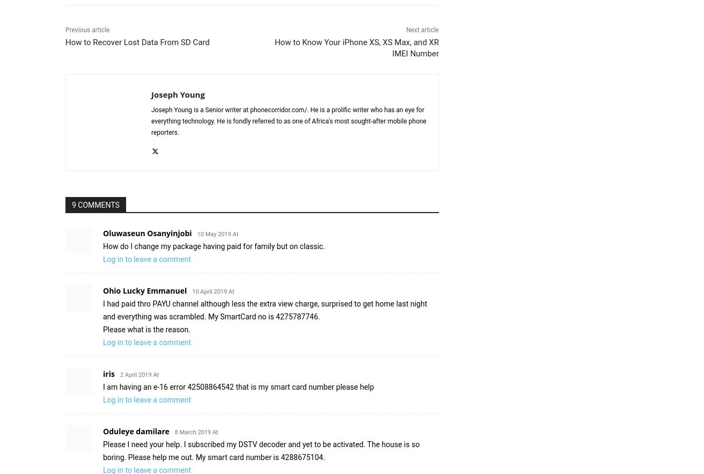  I want to click on 'How do I change my package having paid for family but on classic.', so click(102, 245).